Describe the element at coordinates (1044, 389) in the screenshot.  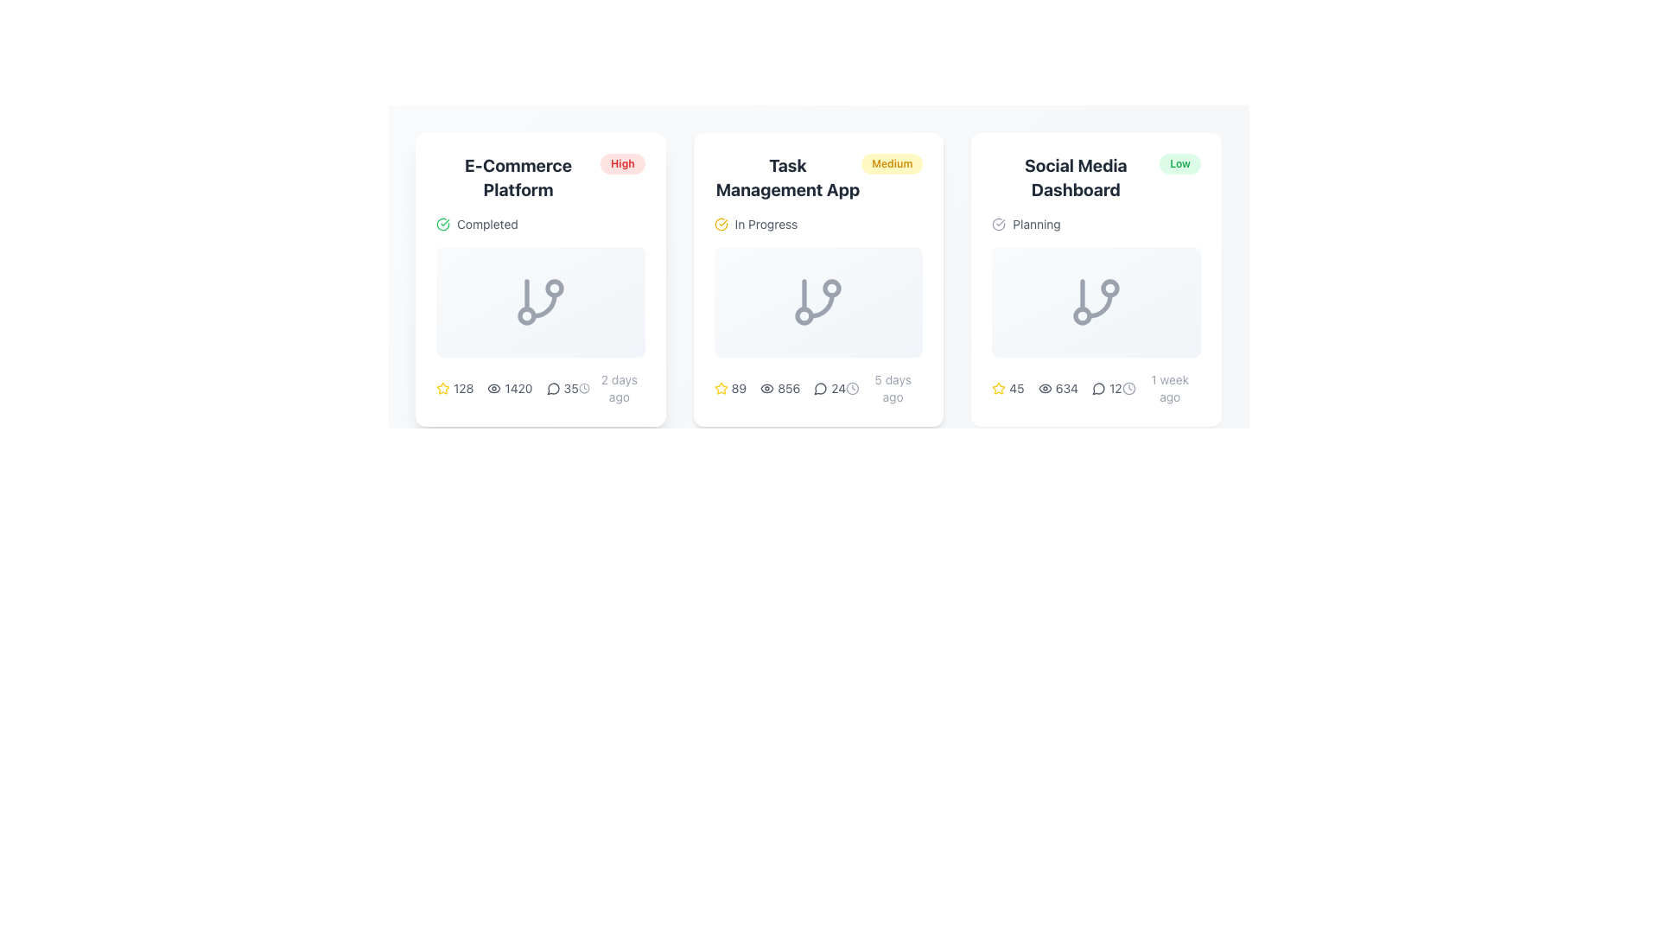
I see `the visibility icon located in the lower portion of the 'Social Media Dashboard' card, adjacent to the number '634'` at that location.